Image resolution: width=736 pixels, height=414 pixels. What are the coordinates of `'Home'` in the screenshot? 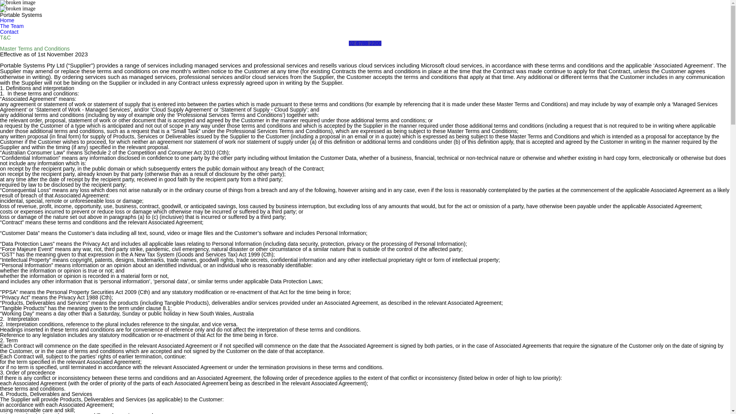 It's located at (7, 20).